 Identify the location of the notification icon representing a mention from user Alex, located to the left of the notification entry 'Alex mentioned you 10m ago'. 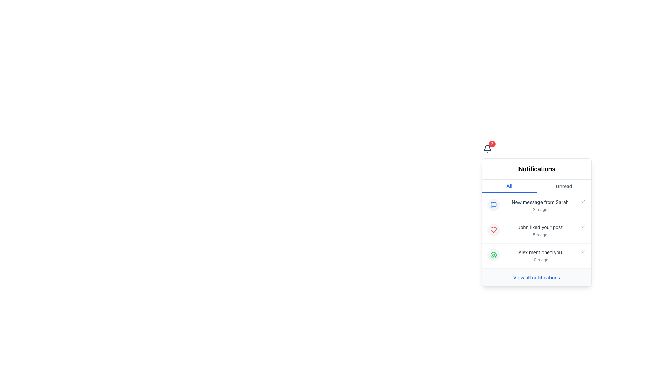
(493, 255).